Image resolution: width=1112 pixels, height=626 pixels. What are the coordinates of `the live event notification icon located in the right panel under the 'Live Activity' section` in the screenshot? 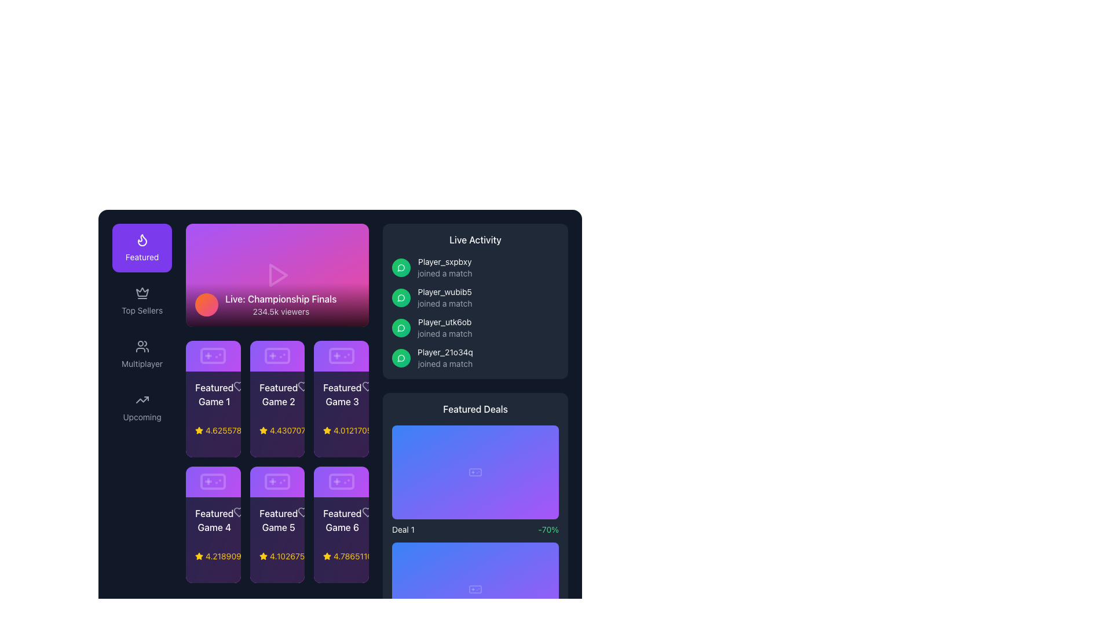 It's located at (401, 358).